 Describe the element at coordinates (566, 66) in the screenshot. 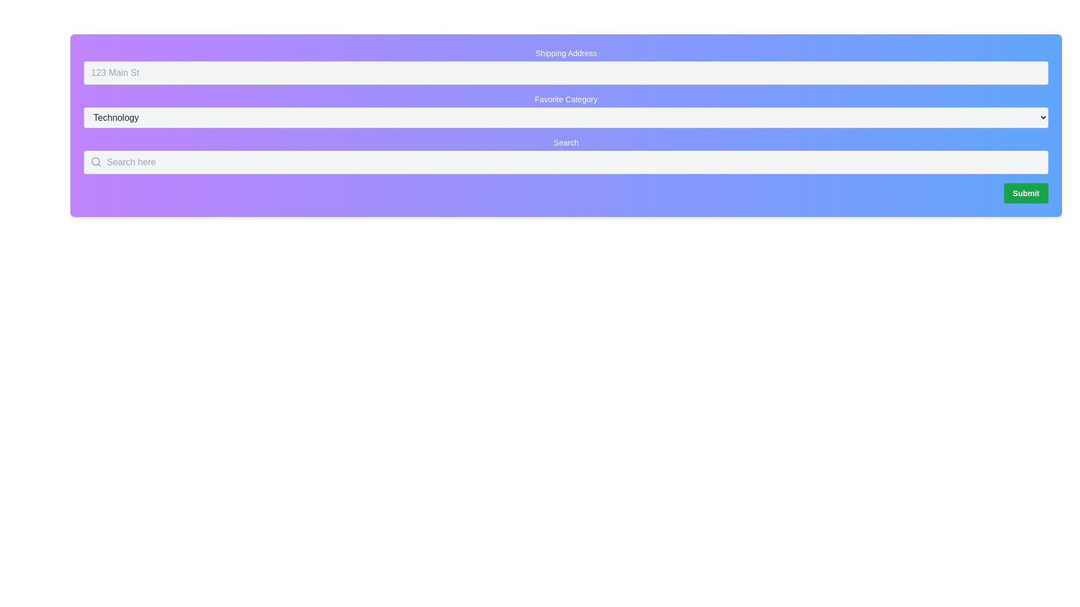

I see `on the text input box for entering the shipping address, which is located directly below the 'Shipping Address' label` at that location.